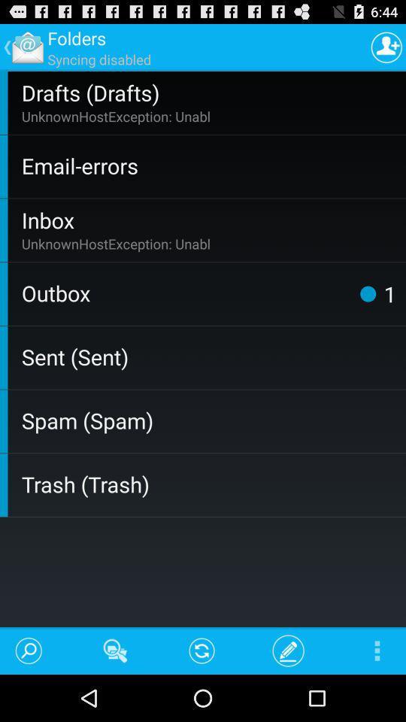 The height and width of the screenshot is (722, 406). What do you see at coordinates (210, 165) in the screenshot?
I see `icon below the unknownhostexception: unabl app` at bounding box center [210, 165].